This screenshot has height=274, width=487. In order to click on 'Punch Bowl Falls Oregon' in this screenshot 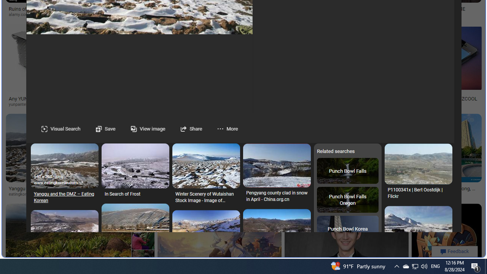, I will do `click(347, 199)`.